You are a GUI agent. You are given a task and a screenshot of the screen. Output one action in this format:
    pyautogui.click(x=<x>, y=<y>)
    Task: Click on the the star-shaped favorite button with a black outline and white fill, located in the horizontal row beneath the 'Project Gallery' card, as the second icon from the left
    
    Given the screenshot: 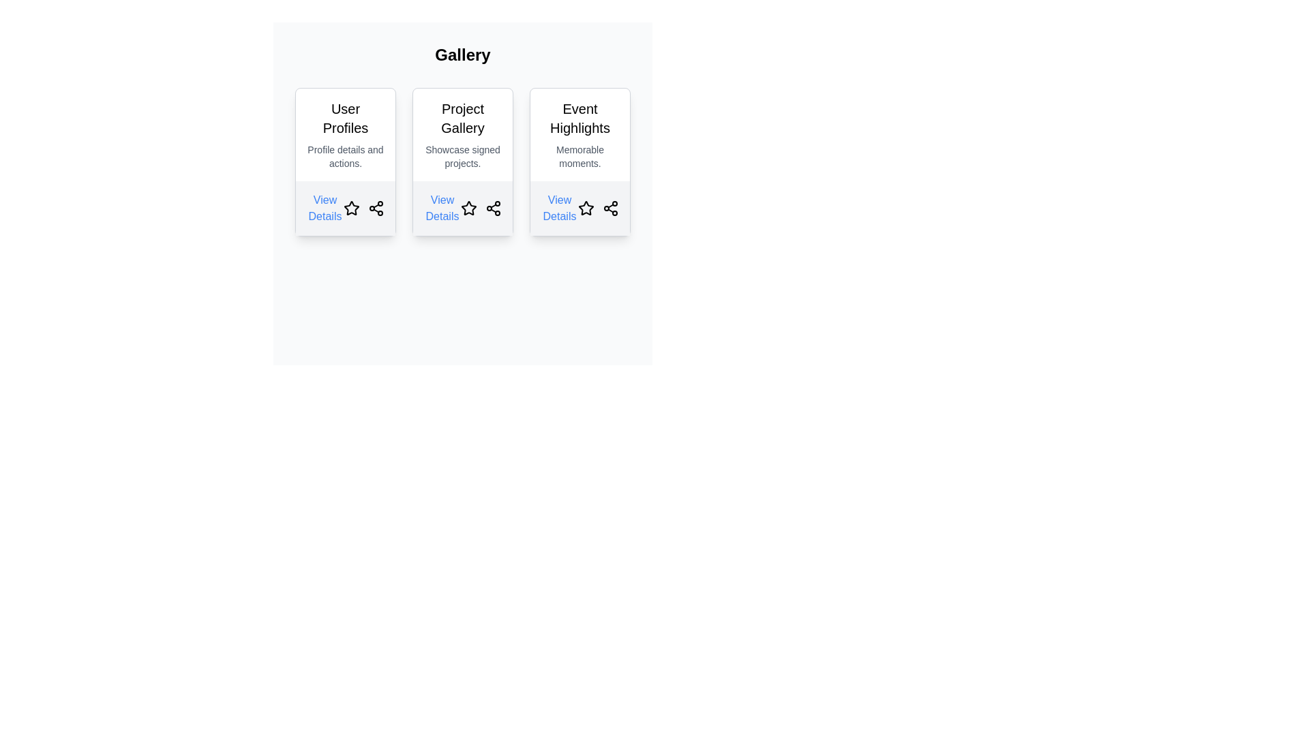 What is the action you would take?
    pyautogui.click(x=468, y=208)
    